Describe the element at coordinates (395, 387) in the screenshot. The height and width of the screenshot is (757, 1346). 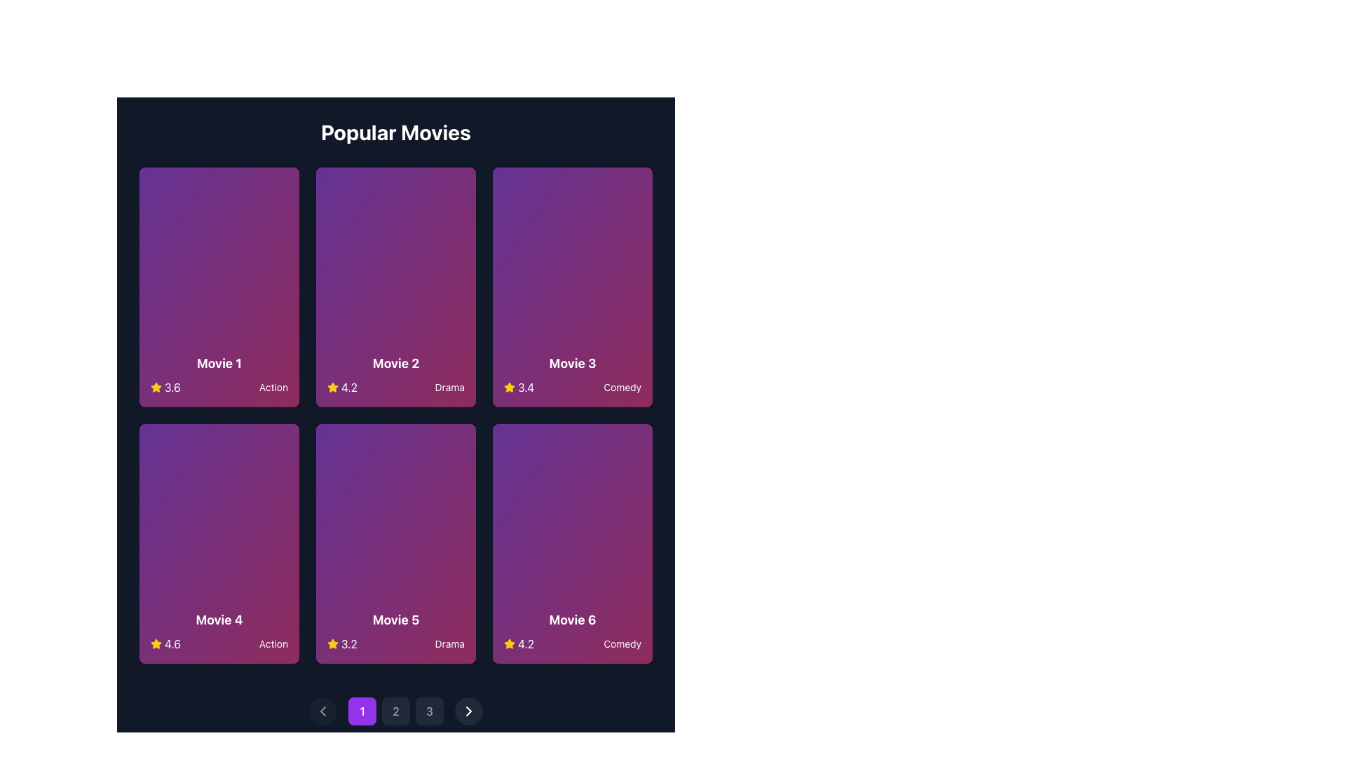
I see `the Rating and genre display component that shows a rating score of 4.2 and genre Drama, located in the lower part of the second card from the left in the top row of the grid layout, part of the card titled 'Movie 2'` at that location.